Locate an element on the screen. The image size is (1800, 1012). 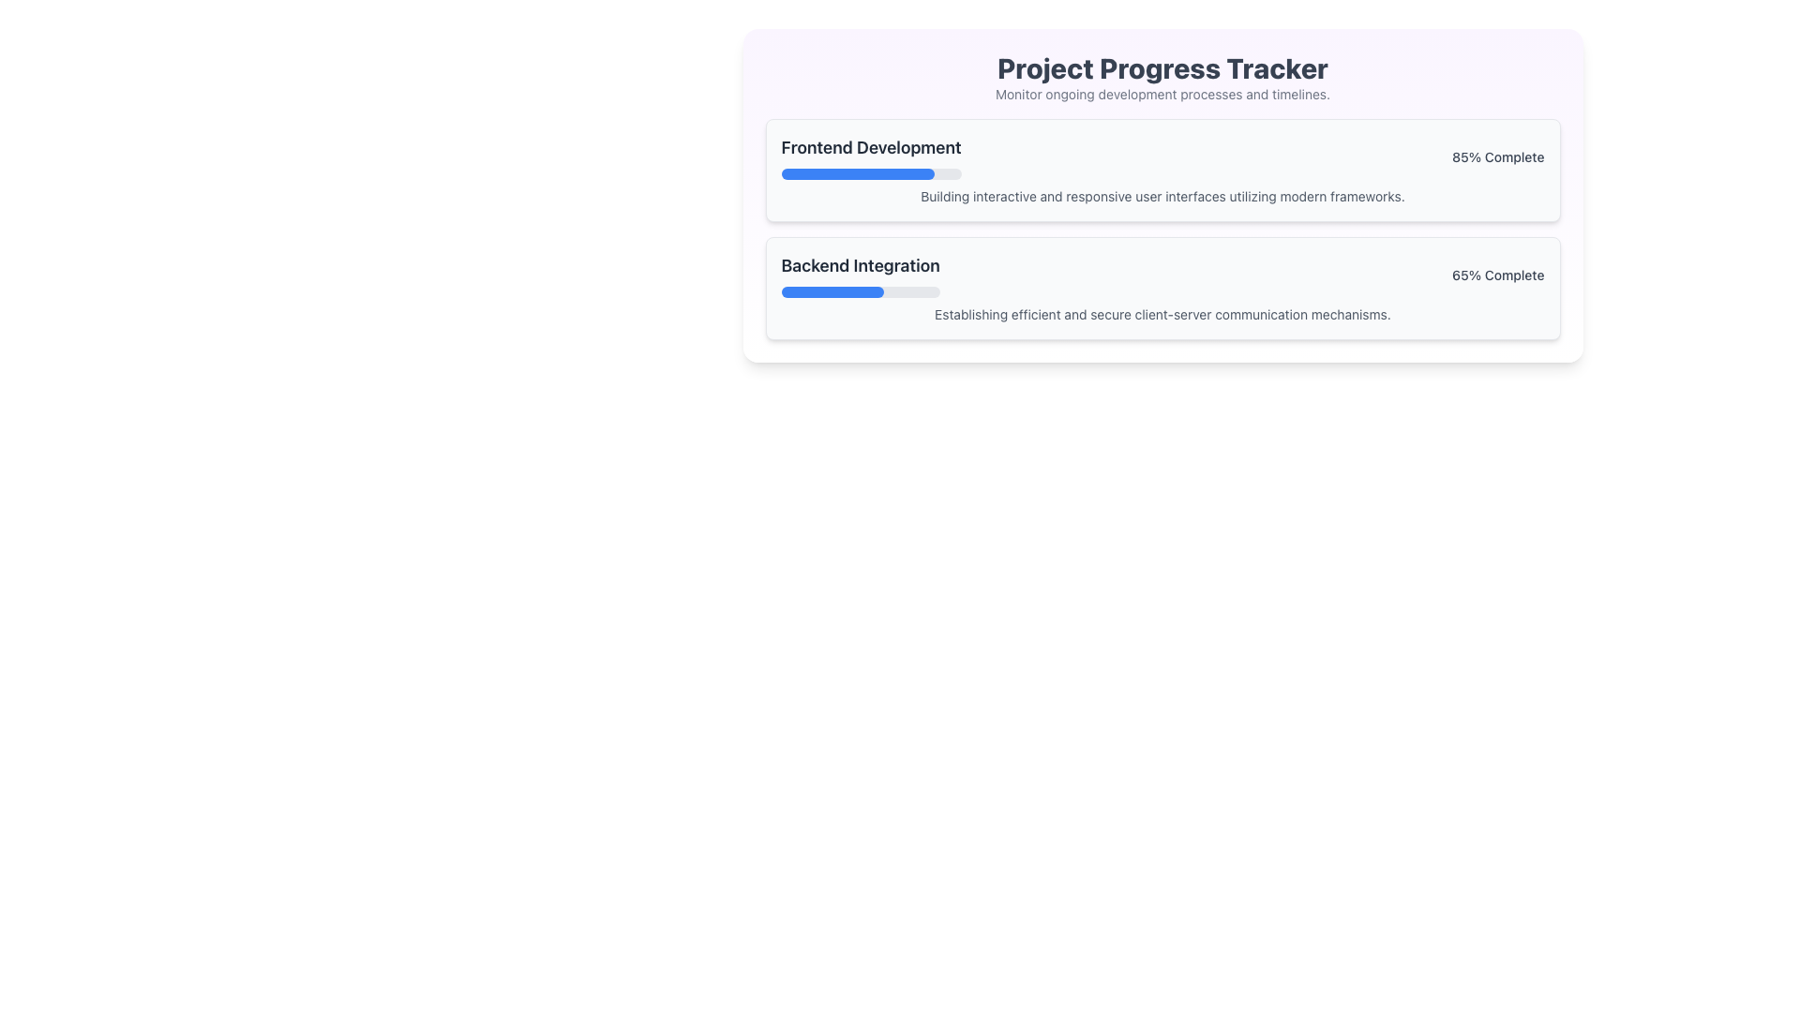
the text element "Backend Integration" which is styled in bold, larger size, and dark gray color located in the second section of the interface is located at coordinates (860, 266).